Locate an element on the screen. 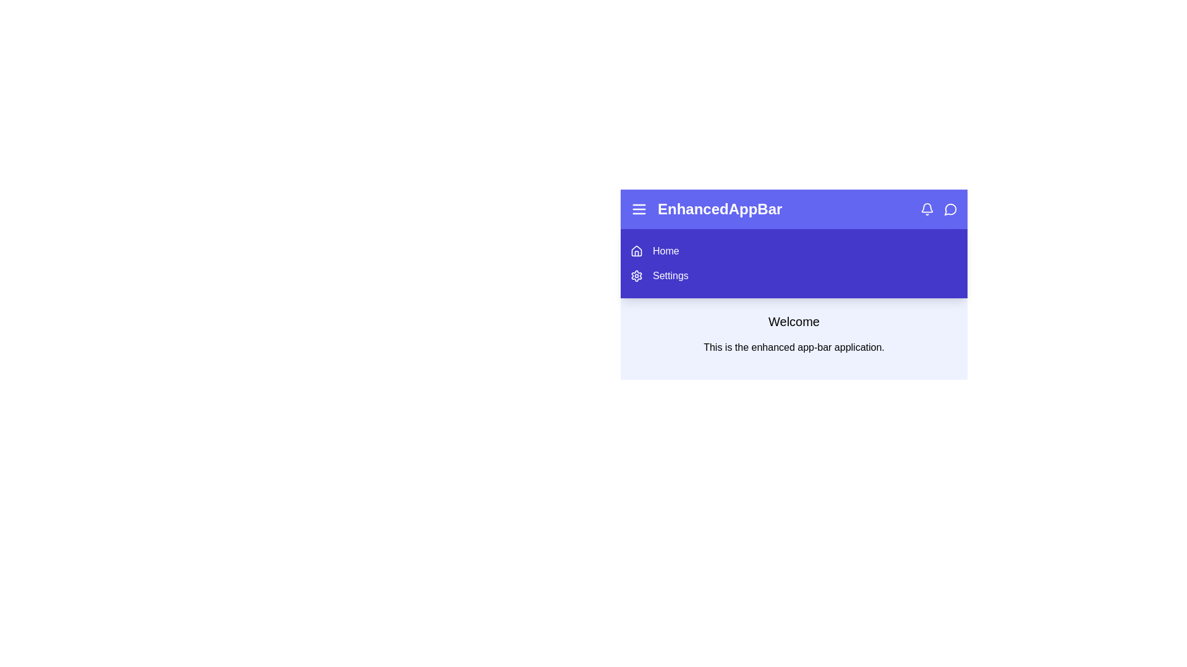 The height and width of the screenshot is (667, 1187). the bell icon to simulate a notification action is located at coordinates (927, 209).